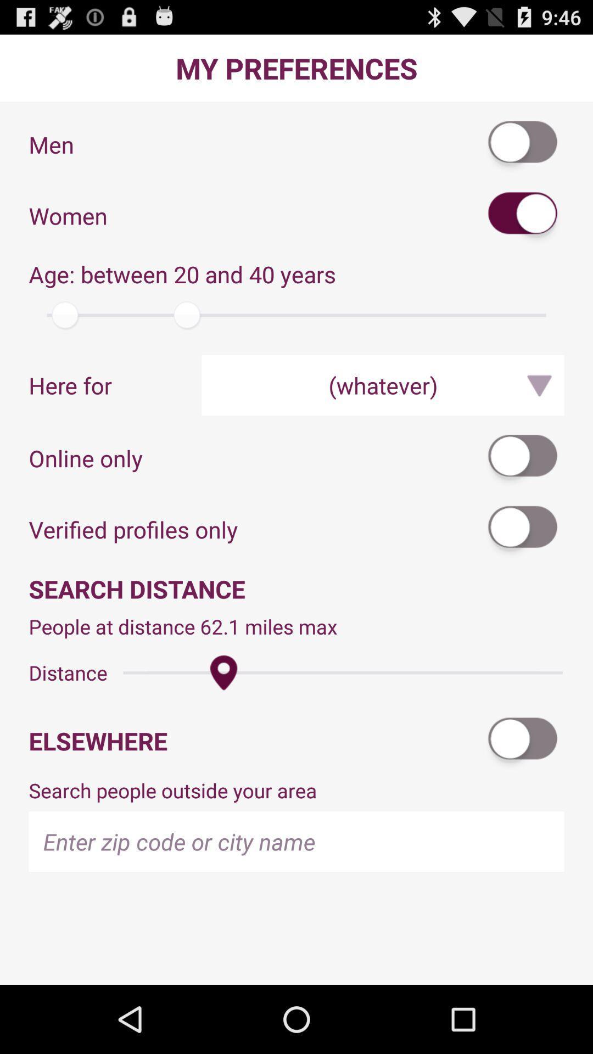 The image size is (593, 1054). What do you see at coordinates (523, 741) in the screenshot?
I see `search option` at bounding box center [523, 741].